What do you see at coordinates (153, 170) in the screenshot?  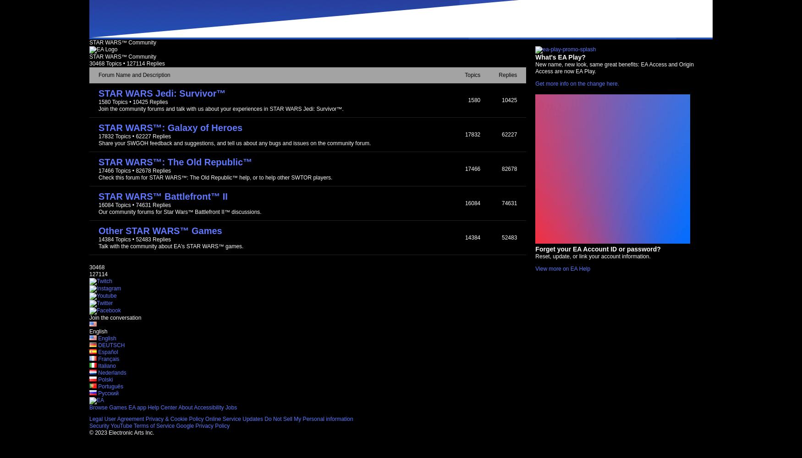 I see `'82678 Replies'` at bounding box center [153, 170].